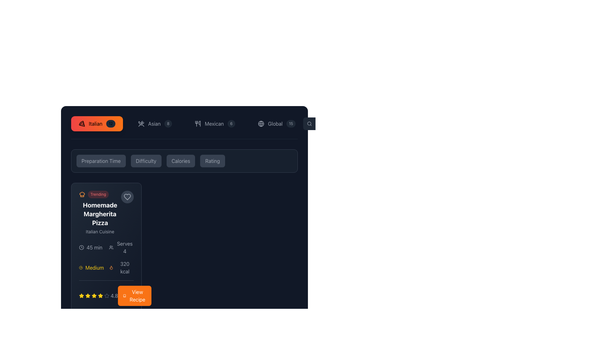  Describe the element at coordinates (187, 124) in the screenshot. I see `the 'Mexican' button in the navigation list` at that location.